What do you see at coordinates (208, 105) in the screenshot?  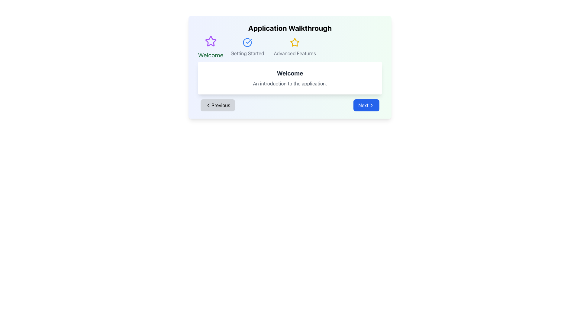 I see `left-chevron icon located inside the 'Previous' button at the bottom left of the main card for details` at bounding box center [208, 105].